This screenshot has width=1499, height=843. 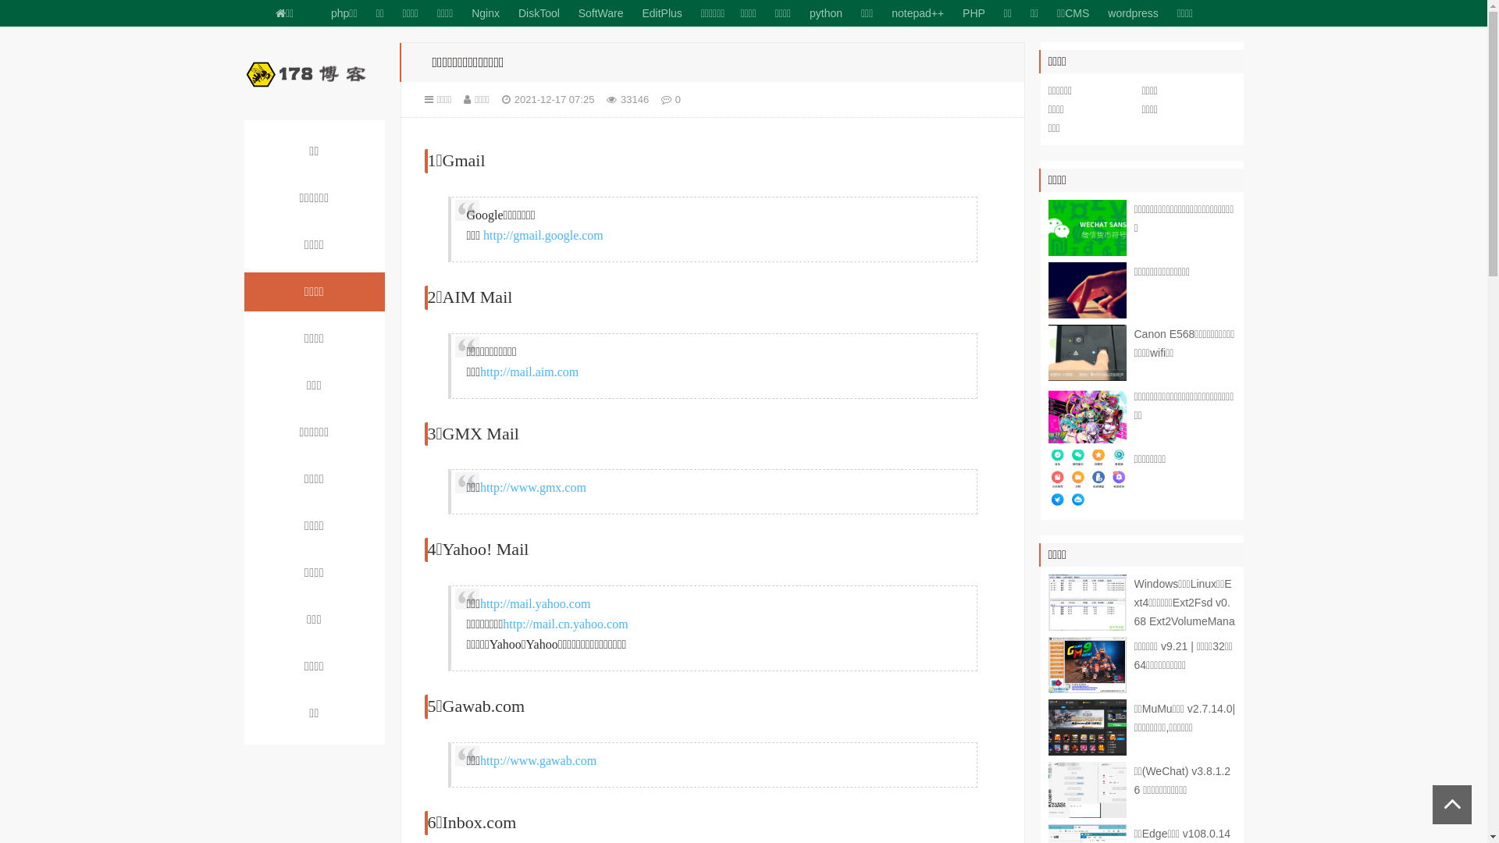 I want to click on 'EditPlus', so click(x=661, y=12).